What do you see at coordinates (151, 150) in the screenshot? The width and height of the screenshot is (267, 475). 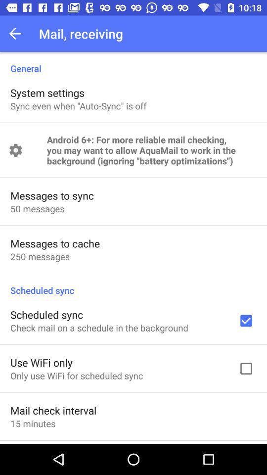 I see `the app above the messages to sync app` at bounding box center [151, 150].